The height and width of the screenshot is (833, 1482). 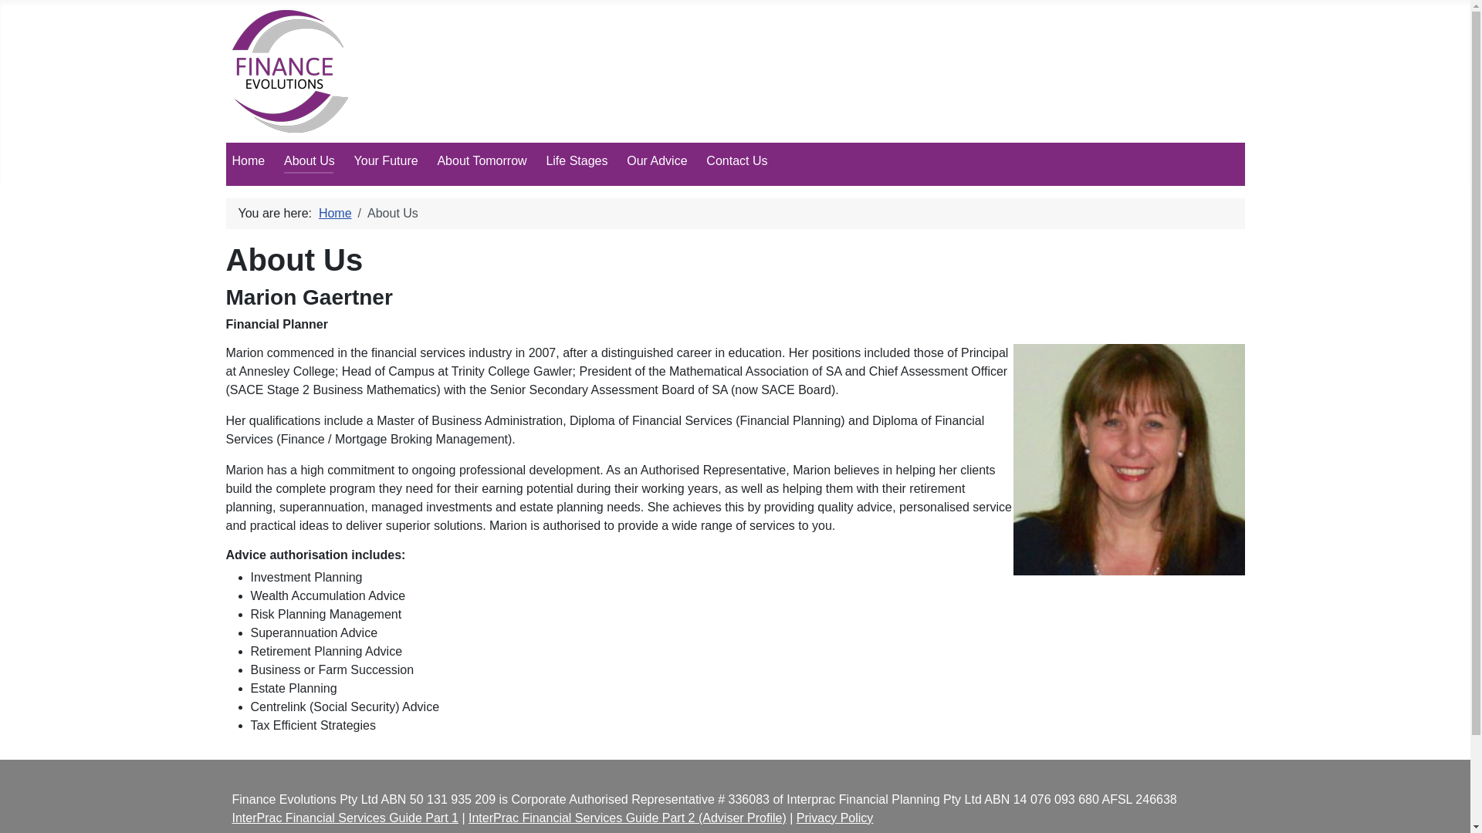 I want to click on 'Home', so click(x=334, y=213).